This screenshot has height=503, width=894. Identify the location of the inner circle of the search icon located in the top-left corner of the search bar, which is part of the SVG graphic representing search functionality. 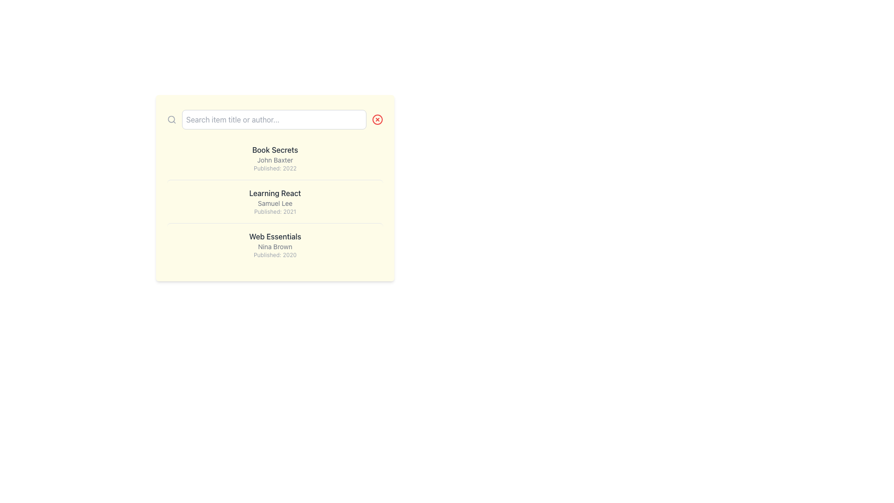
(171, 119).